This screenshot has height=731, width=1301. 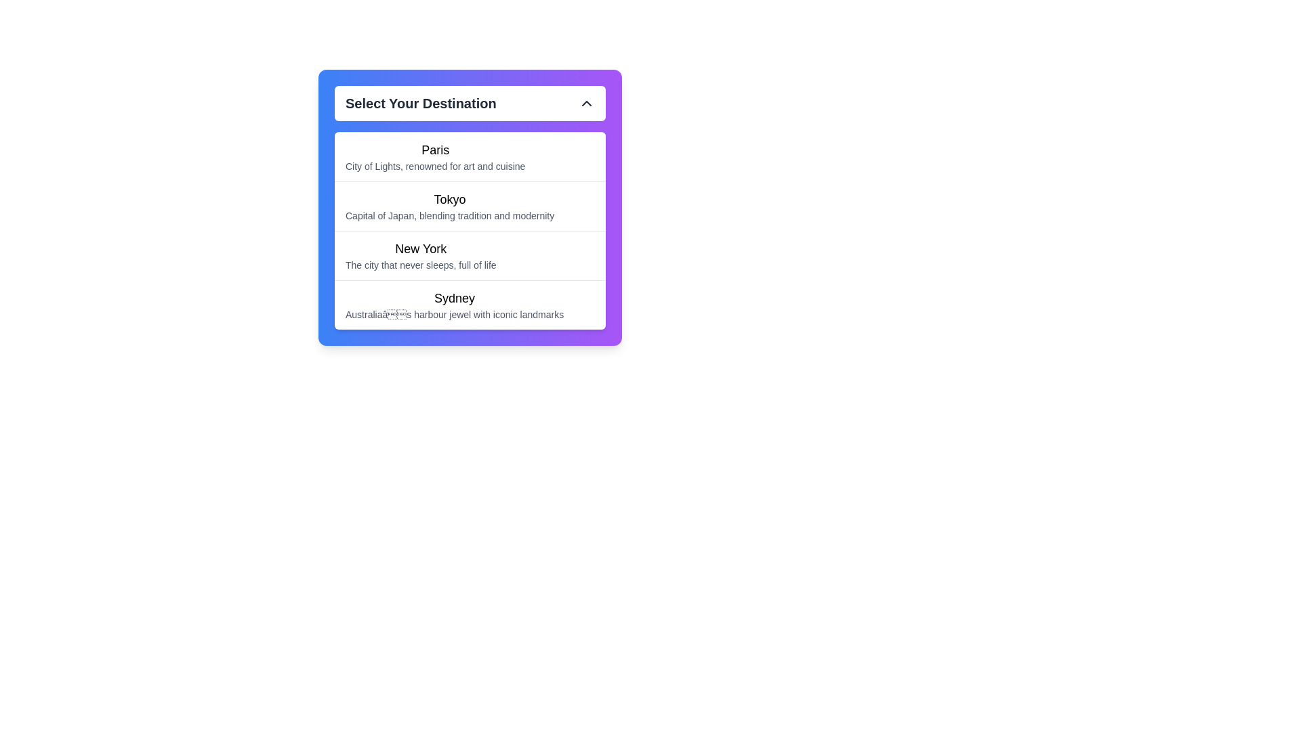 What do you see at coordinates (470, 305) in the screenshot?
I see `the list item with the primary text 'Sydney'` at bounding box center [470, 305].